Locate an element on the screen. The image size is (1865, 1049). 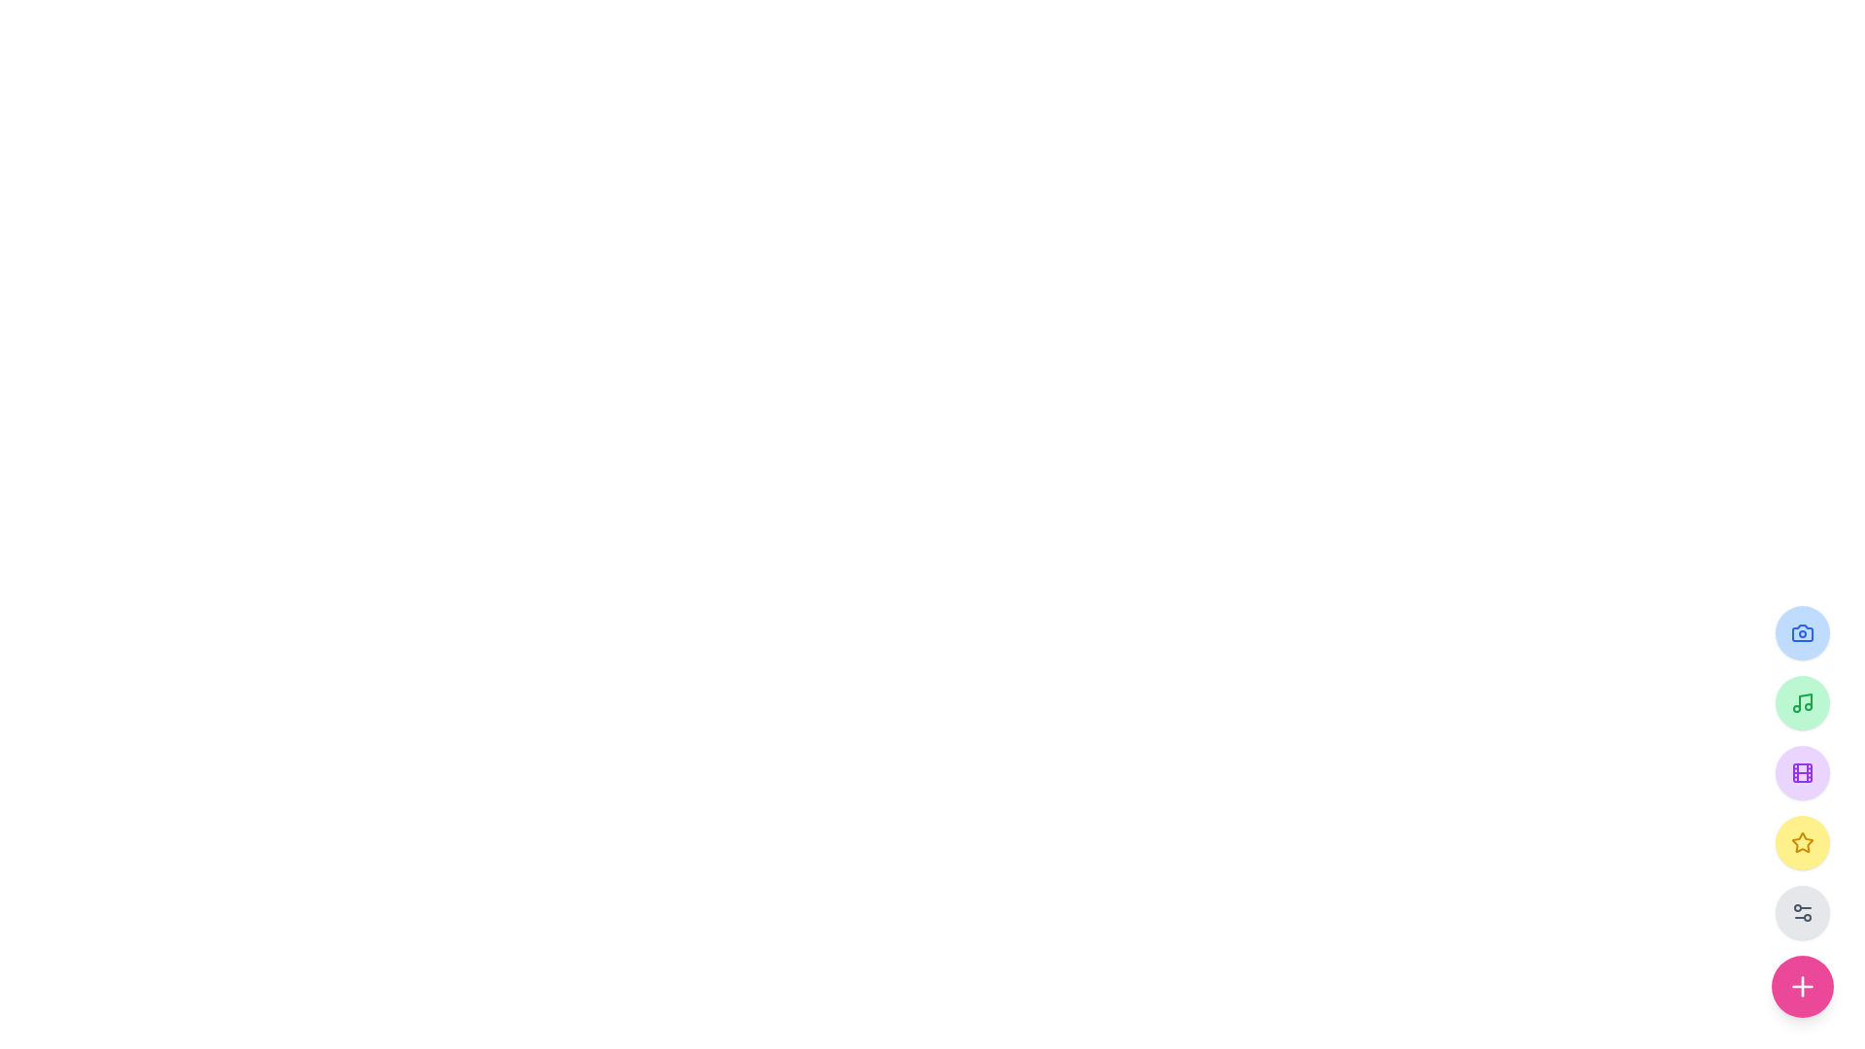
the circular button with a purple background and a film strip icon, which is the third button in the vertical menu is located at coordinates (1802, 771).